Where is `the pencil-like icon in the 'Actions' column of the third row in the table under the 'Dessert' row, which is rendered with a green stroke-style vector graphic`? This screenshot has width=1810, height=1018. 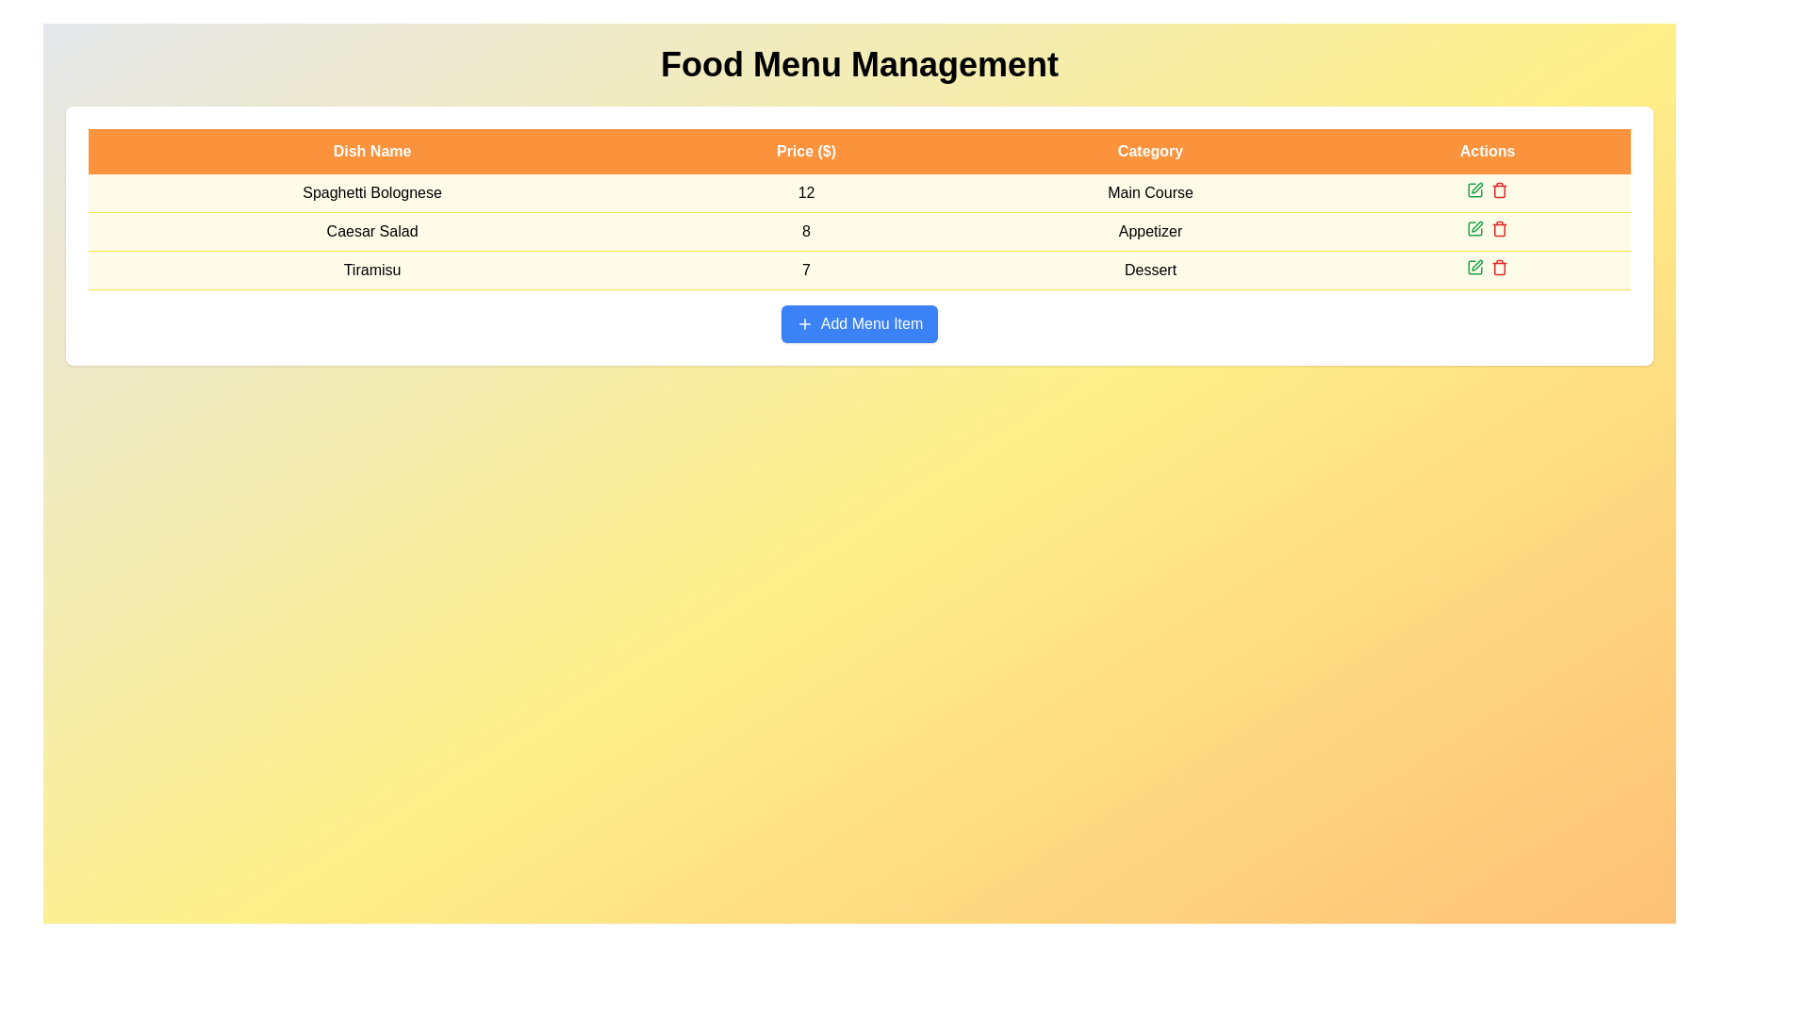 the pencil-like icon in the 'Actions' column of the third row in the table under the 'Dessert' row, which is rendered with a green stroke-style vector graphic is located at coordinates (1473, 189).